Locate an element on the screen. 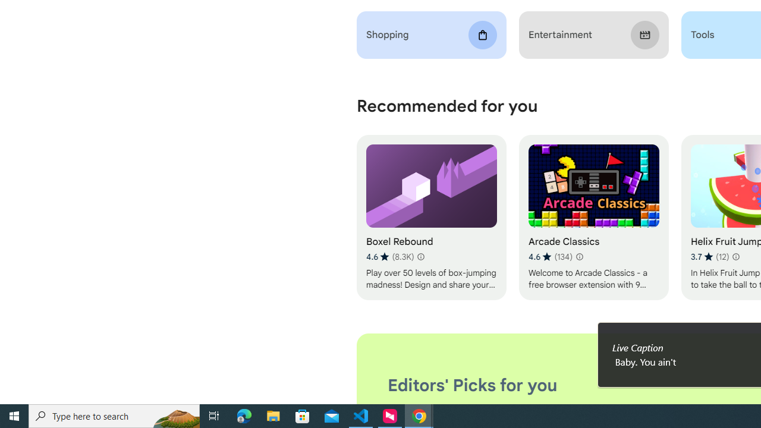 Image resolution: width=761 pixels, height=428 pixels. 'Average rating 3.7 out of 5 stars. 12 ratings.' is located at coordinates (710, 256).